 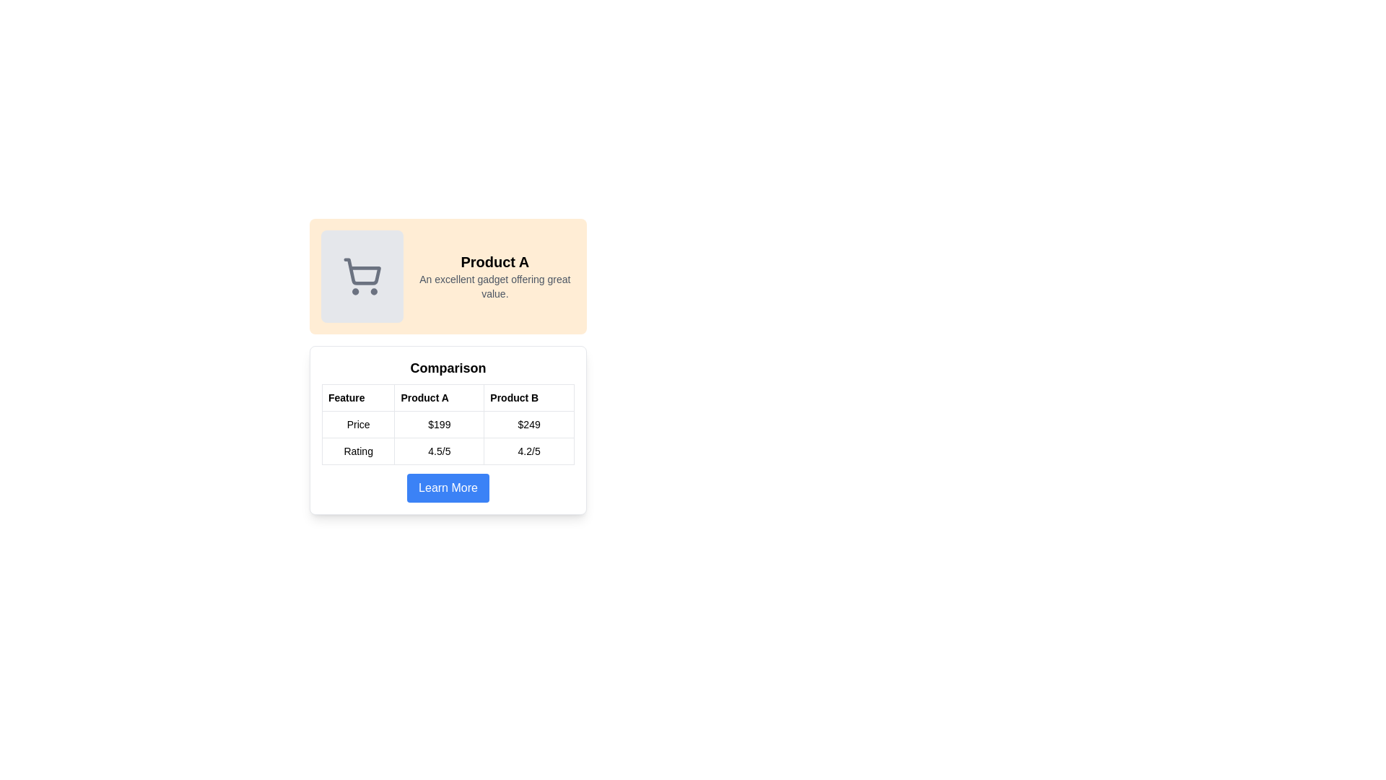 I want to click on the text label displaying 'Product A', which is positioned in the middle column of a comparison table row, so click(x=438, y=398).